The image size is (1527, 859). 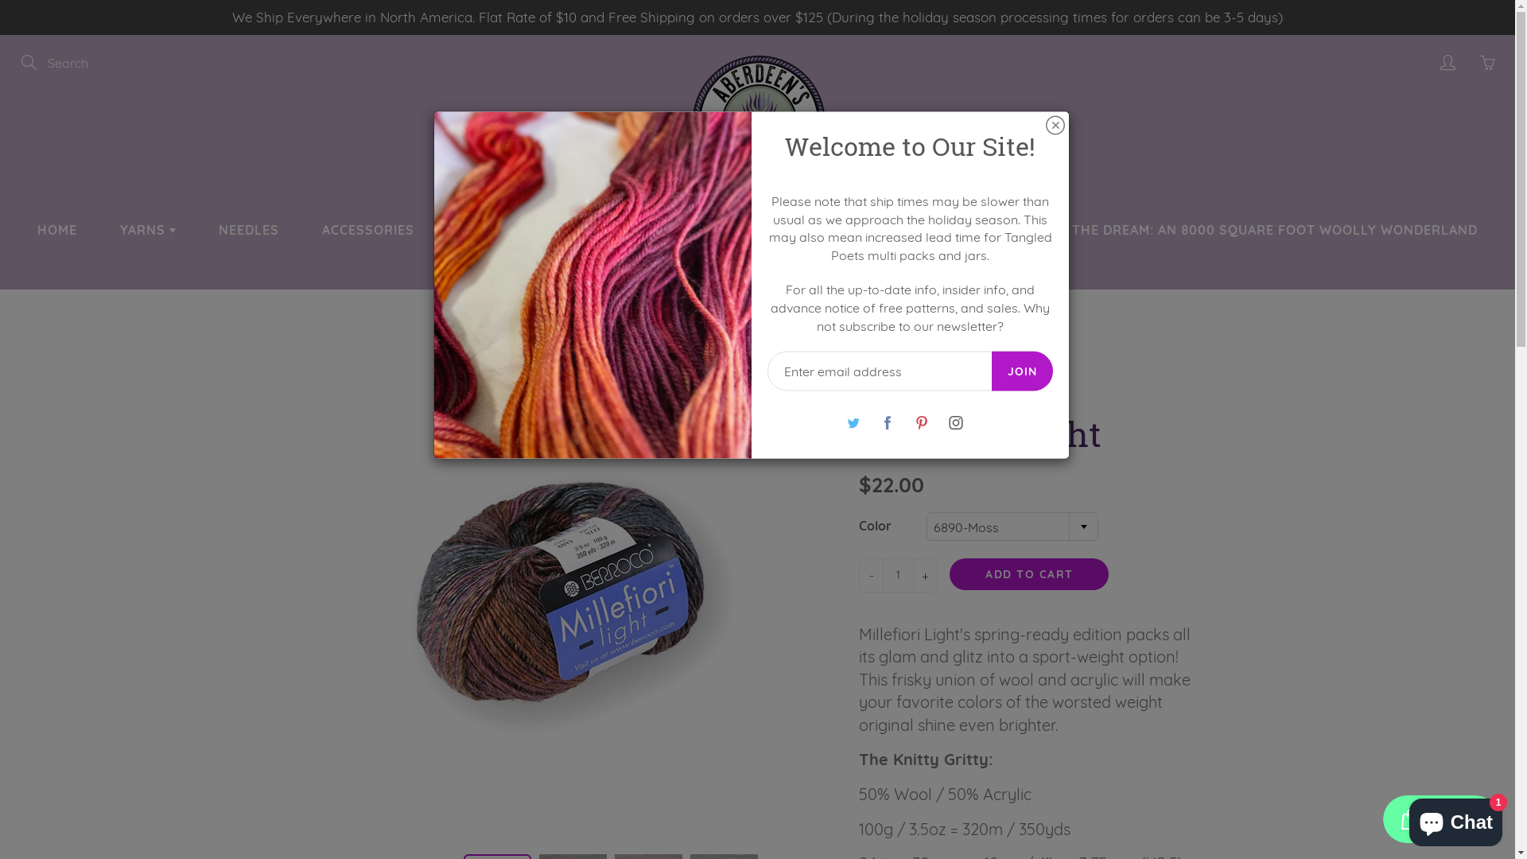 What do you see at coordinates (367, 230) in the screenshot?
I see `'ACCESSORIES'` at bounding box center [367, 230].